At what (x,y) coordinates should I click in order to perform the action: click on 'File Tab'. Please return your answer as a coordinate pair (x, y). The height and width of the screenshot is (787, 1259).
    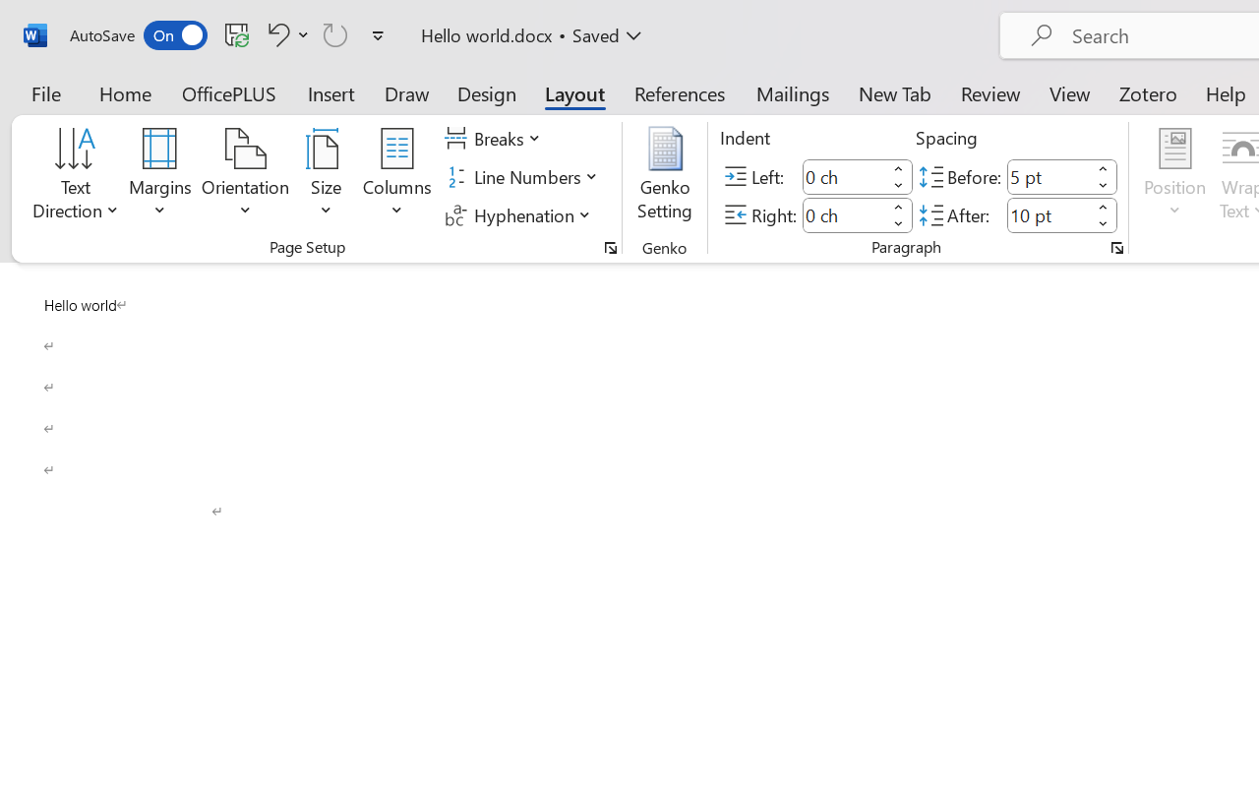
    Looking at the image, I should click on (45, 92).